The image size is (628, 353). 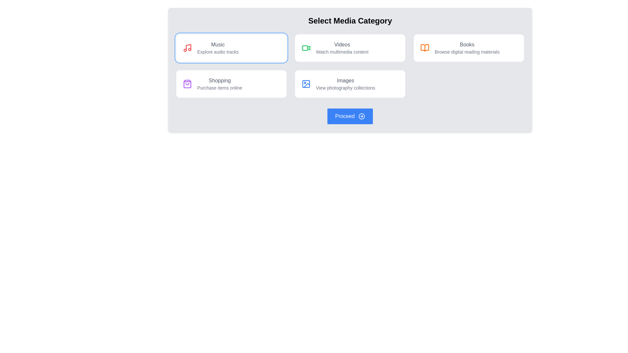 I want to click on the small rectangular icon representing the video media category option, which is located above the 'Videos' text label in the second column of the top row in the media category selection grid, so click(x=305, y=47).